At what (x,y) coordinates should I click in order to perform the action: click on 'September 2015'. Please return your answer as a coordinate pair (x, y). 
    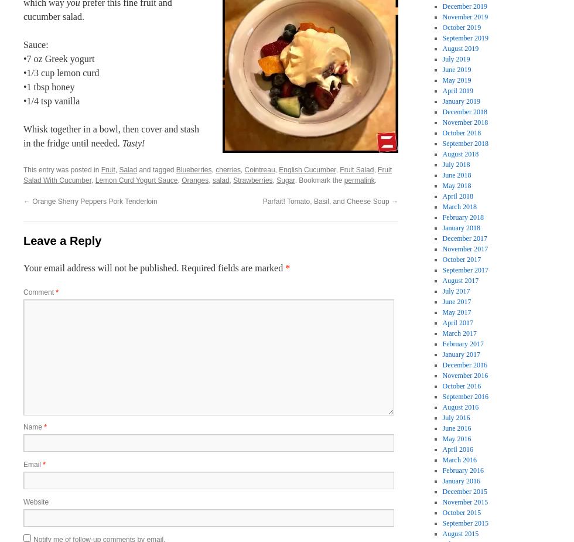
    Looking at the image, I should click on (464, 523).